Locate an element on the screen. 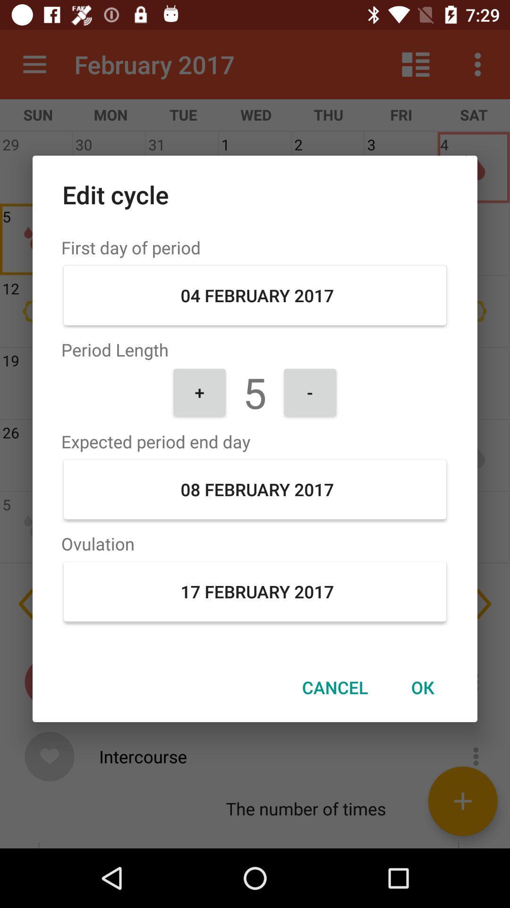 The height and width of the screenshot is (908, 510). the add icon is located at coordinates (462, 801).